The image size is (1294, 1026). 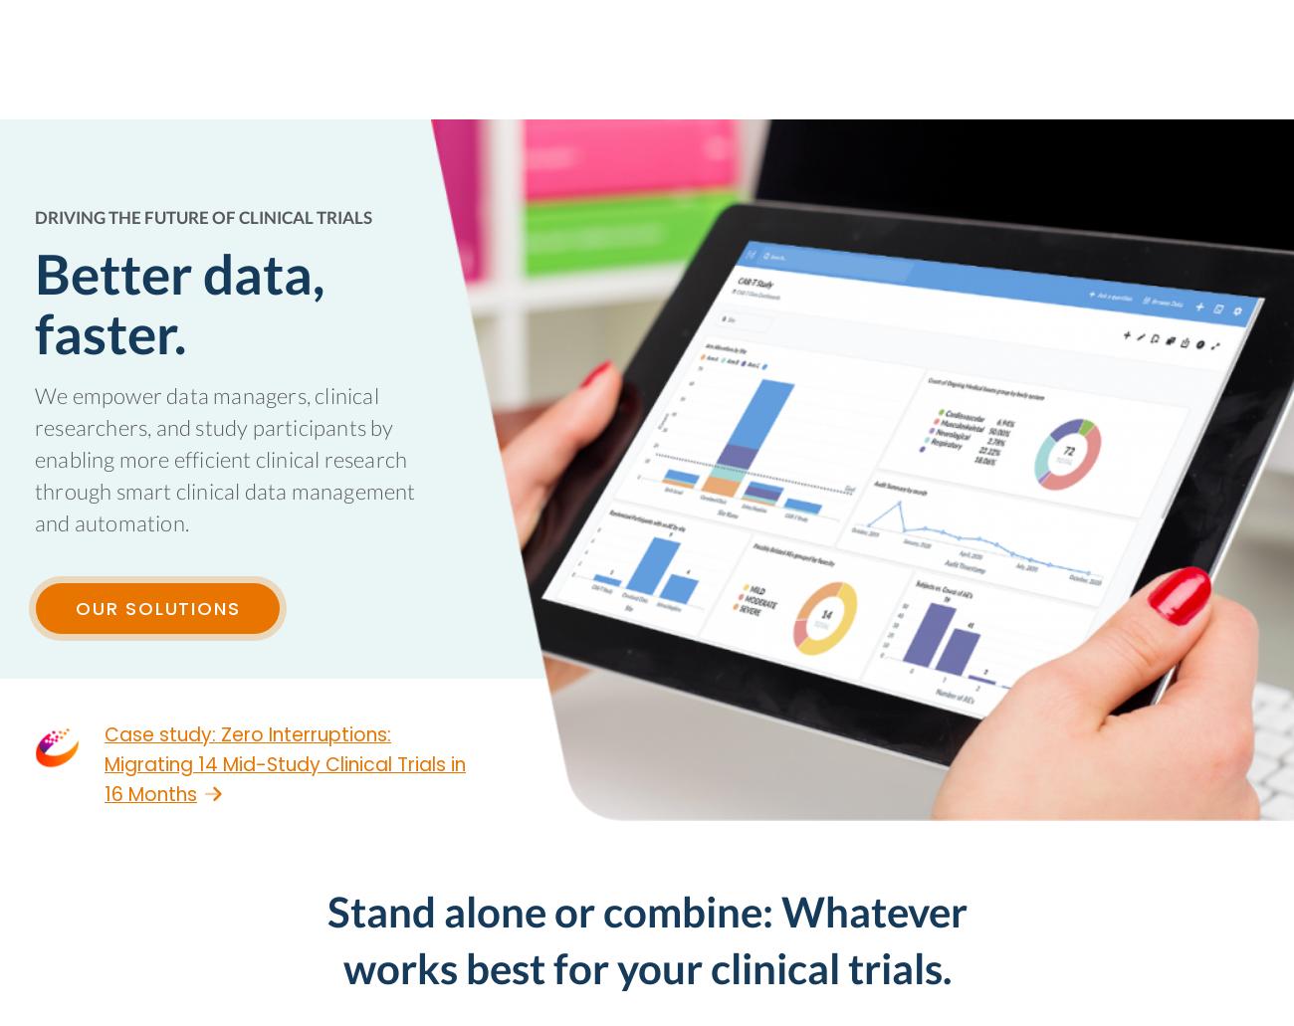 What do you see at coordinates (1163, 61) in the screenshot?
I see `'FREE TRIAL'` at bounding box center [1163, 61].